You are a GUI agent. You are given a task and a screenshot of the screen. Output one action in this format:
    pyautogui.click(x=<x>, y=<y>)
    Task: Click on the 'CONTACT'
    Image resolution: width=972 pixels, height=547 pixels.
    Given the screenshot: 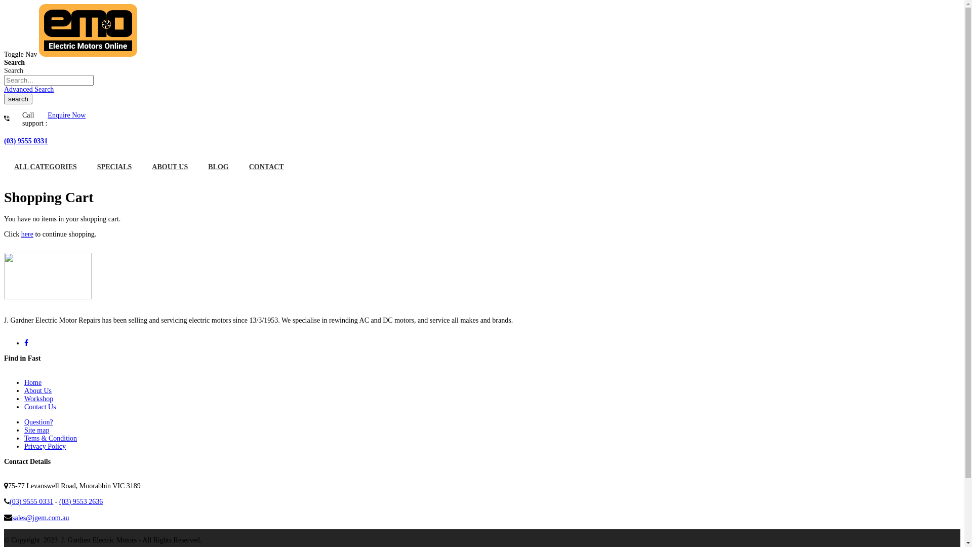 What is the action you would take?
    pyautogui.click(x=238, y=167)
    